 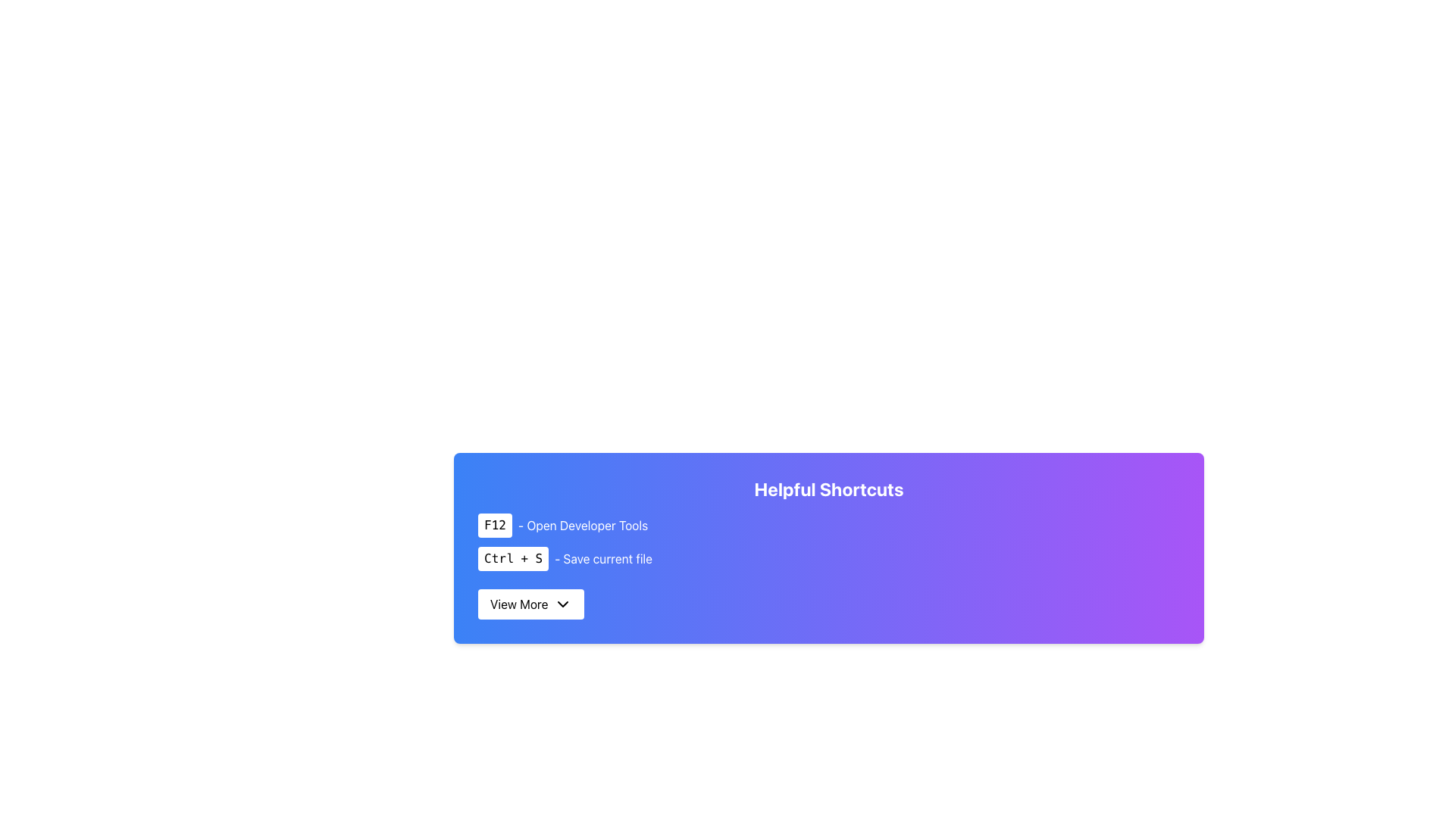 I want to click on displayed text of the text label that reads '- Open Developer Tools' located in the bottom-left area of the interface under the 'Helpful Shortcuts' heading, so click(x=582, y=525).